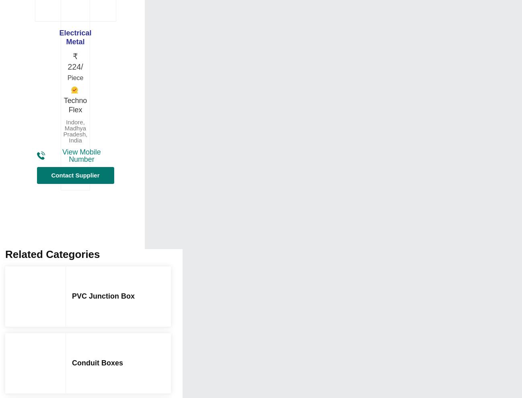  What do you see at coordinates (75, 175) in the screenshot?
I see `'Contact Supplier'` at bounding box center [75, 175].